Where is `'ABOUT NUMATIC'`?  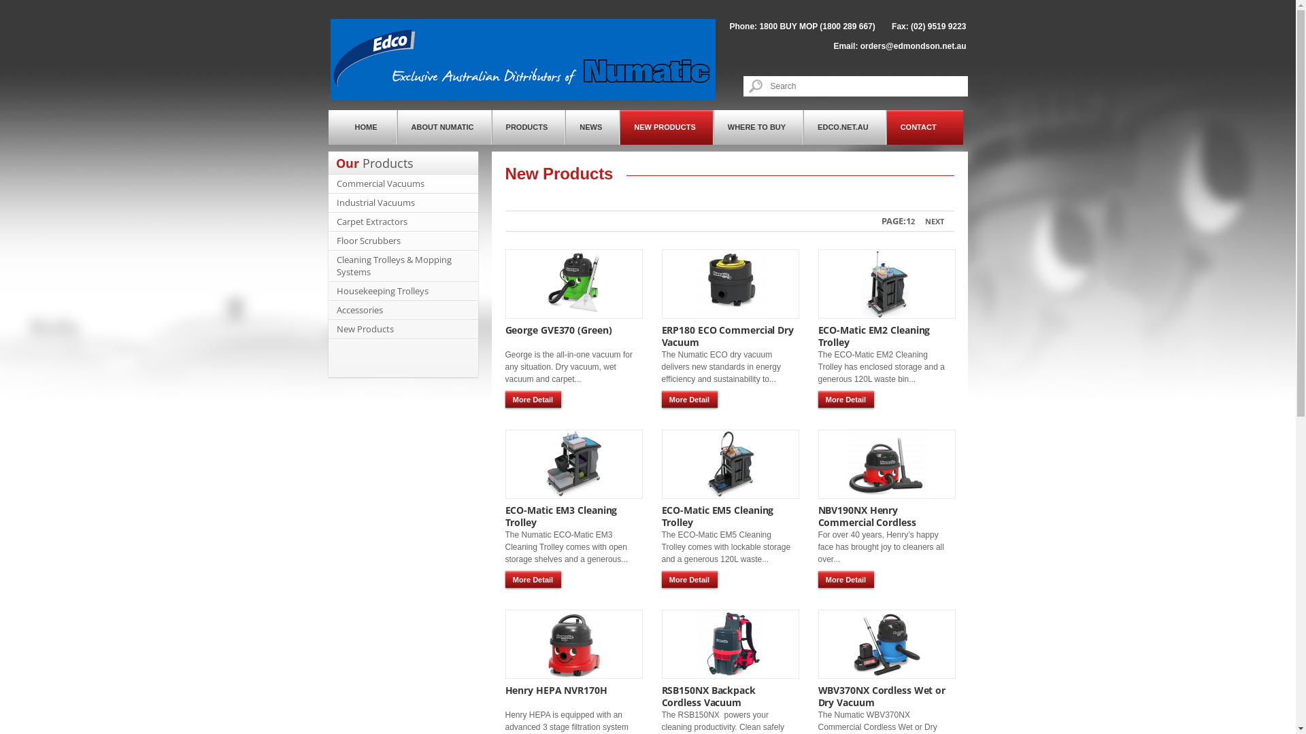
'ABOUT NUMATIC' is located at coordinates (444, 127).